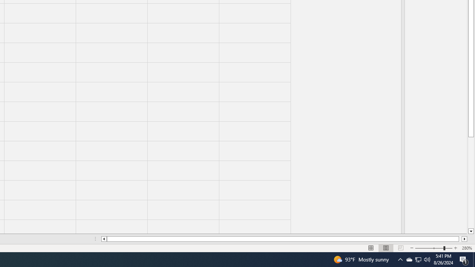  Describe the element at coordinates (371, 248) in the screenshot. I see `'Normal'` at that location.